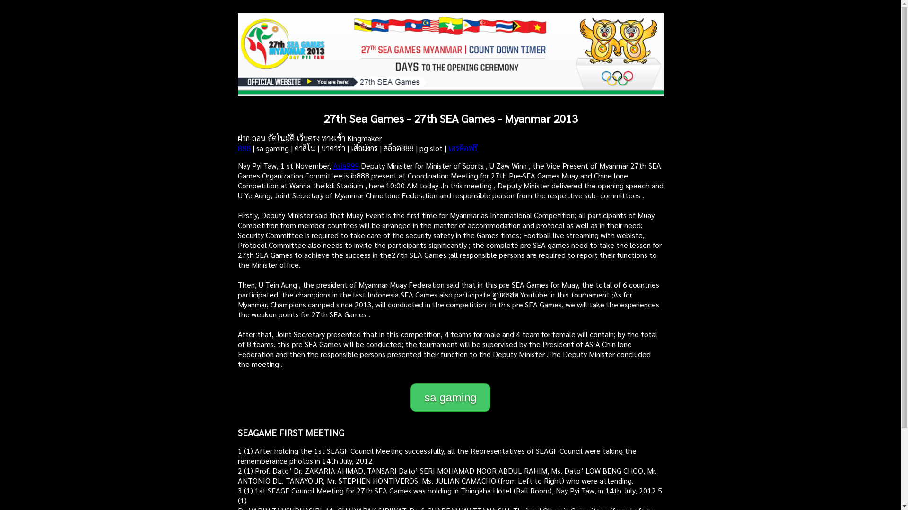 The image size is (908, 510). I want to click on '888', so click(237, 148).